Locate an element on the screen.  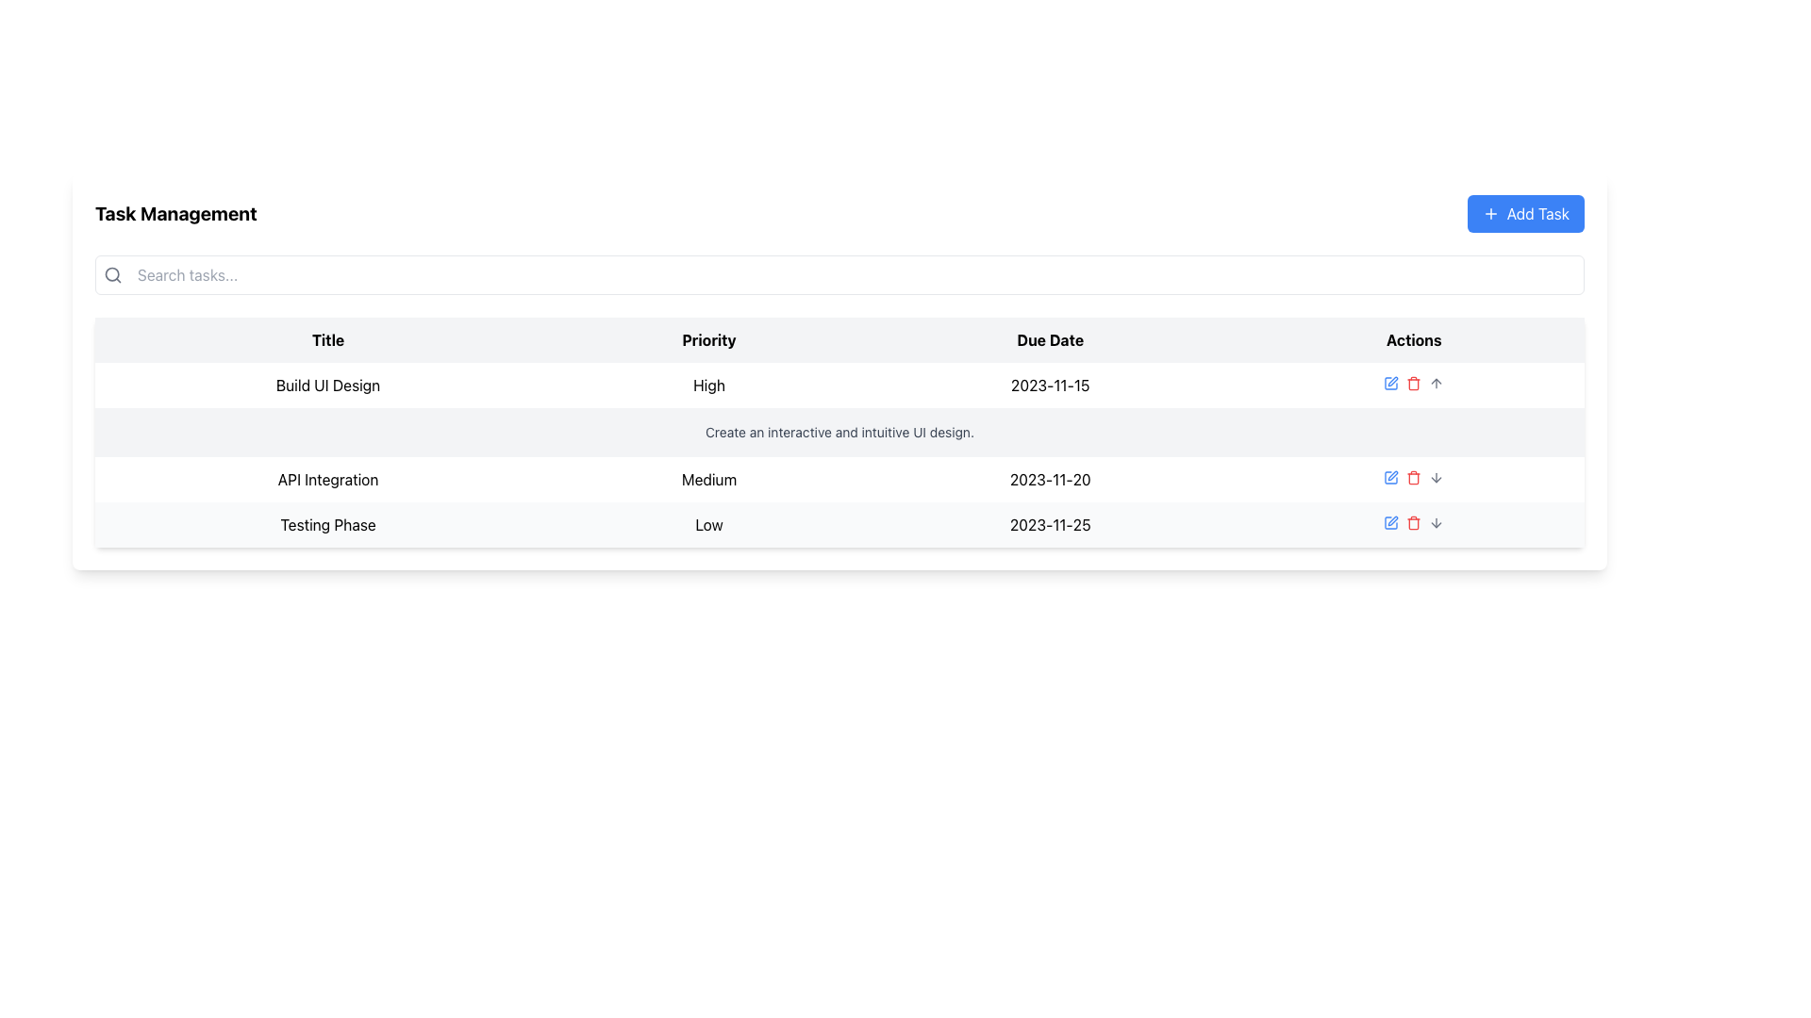
the text label displaying 'Medium' in the 'Priority' column of the task row for 'API Integration' is located at coordinates (708, 479).